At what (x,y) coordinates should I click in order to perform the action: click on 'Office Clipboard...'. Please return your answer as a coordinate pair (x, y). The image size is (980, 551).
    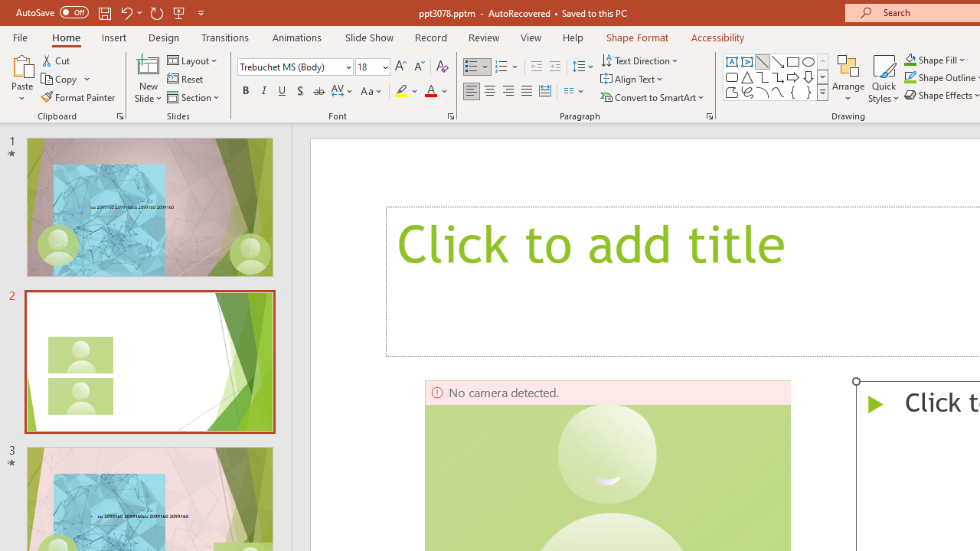
    Looking at the image, I should click on (119, 115).